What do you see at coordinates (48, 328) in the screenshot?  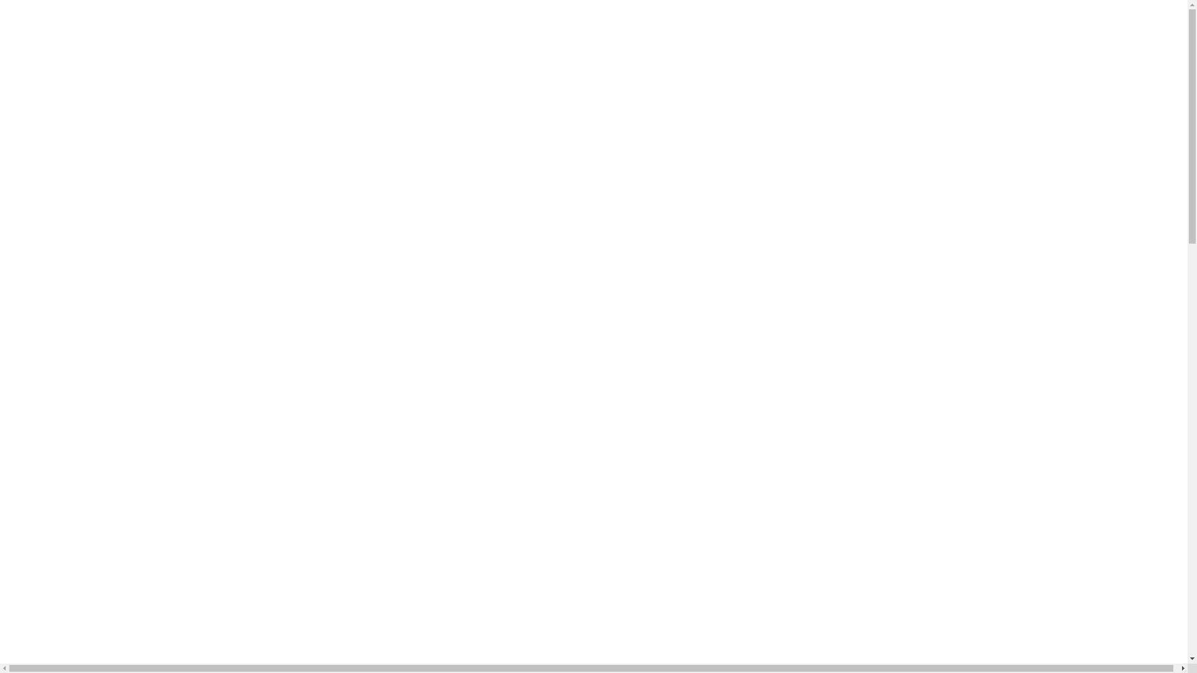 I see `'BRANDS'` at bounding box center [48, 328].